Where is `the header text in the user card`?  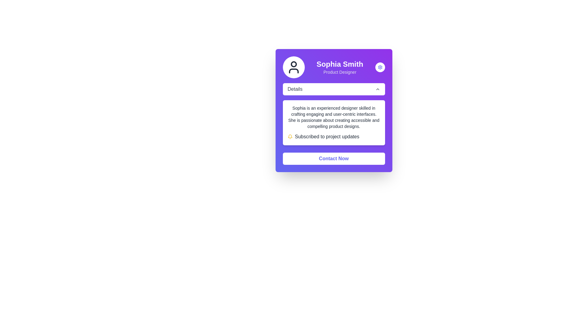 the header text in the user card is located at coordinates (333, 67).